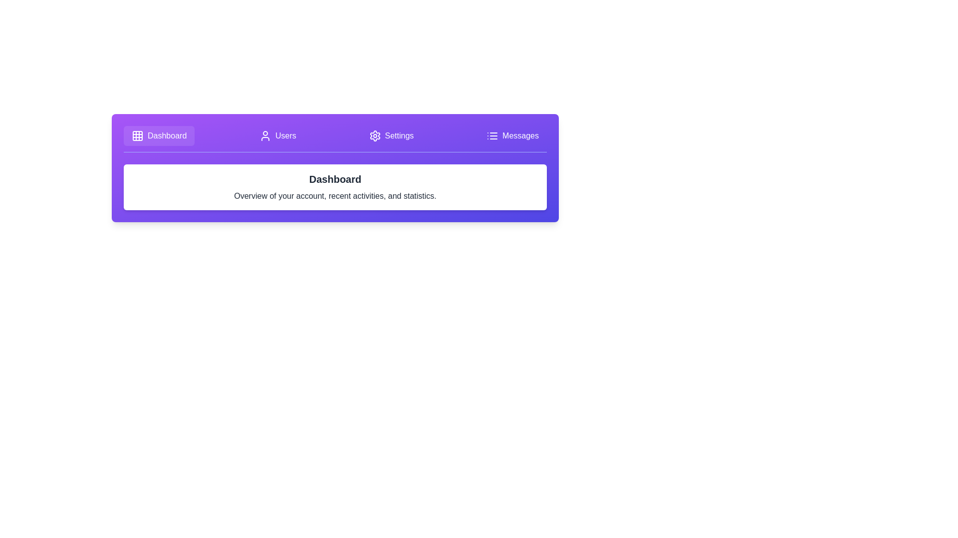  What do you see at coordinates (391, 136) in the screenshot?
I see `the 'Settings' button, which is a rectangular interactive button with a purple background and white text, located in the middle-right of the navigation area` at bounding box center [391, 136].